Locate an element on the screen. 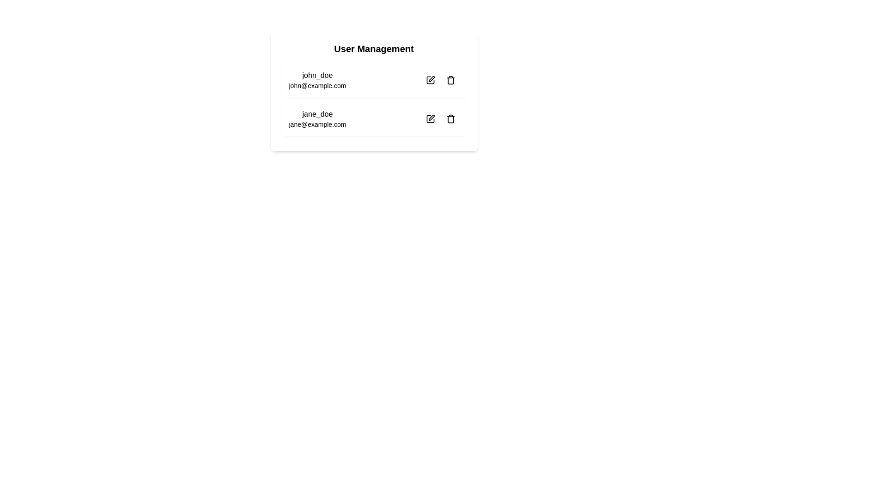 This screenshot has height=498, width=887. the trash can icon button for user 'john_doe' is located at coordinates (450, 79).